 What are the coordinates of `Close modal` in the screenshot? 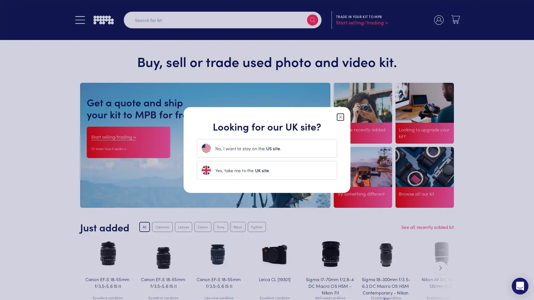 It's located at (340, 116).